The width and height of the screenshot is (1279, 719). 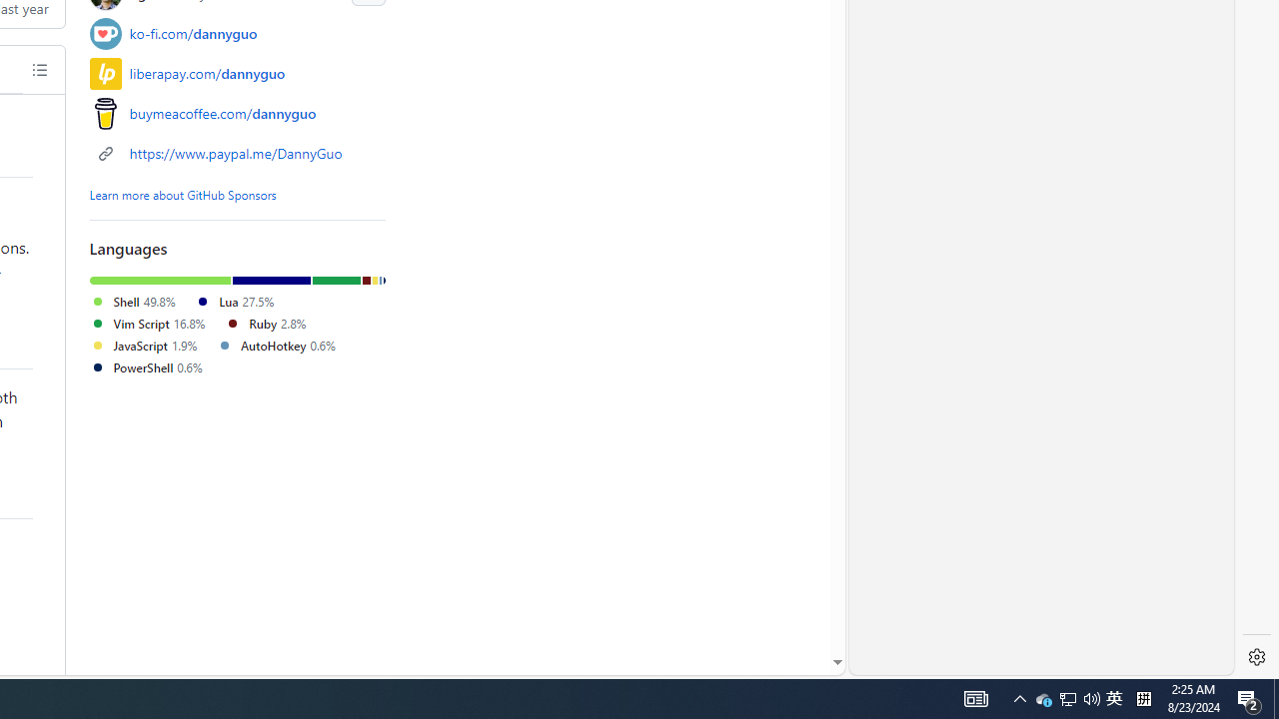 I want to click on 'JavaScript 1.9%', so click(x=143, y=344).